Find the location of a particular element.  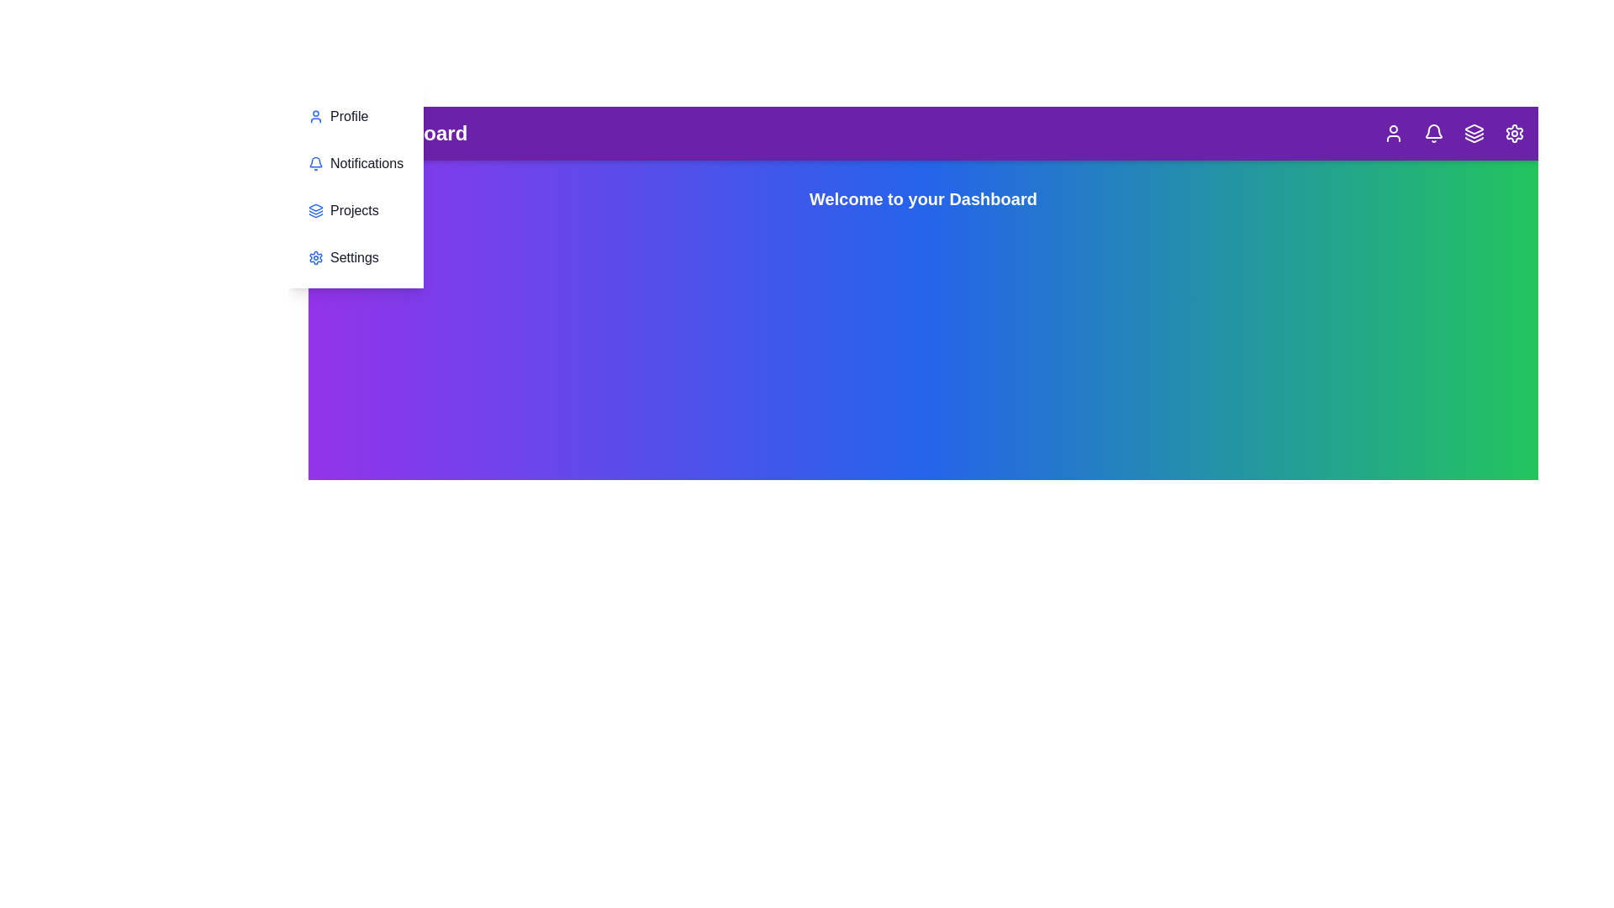

the menu item Projects in the sidebar is located at coordinates (354, 209).